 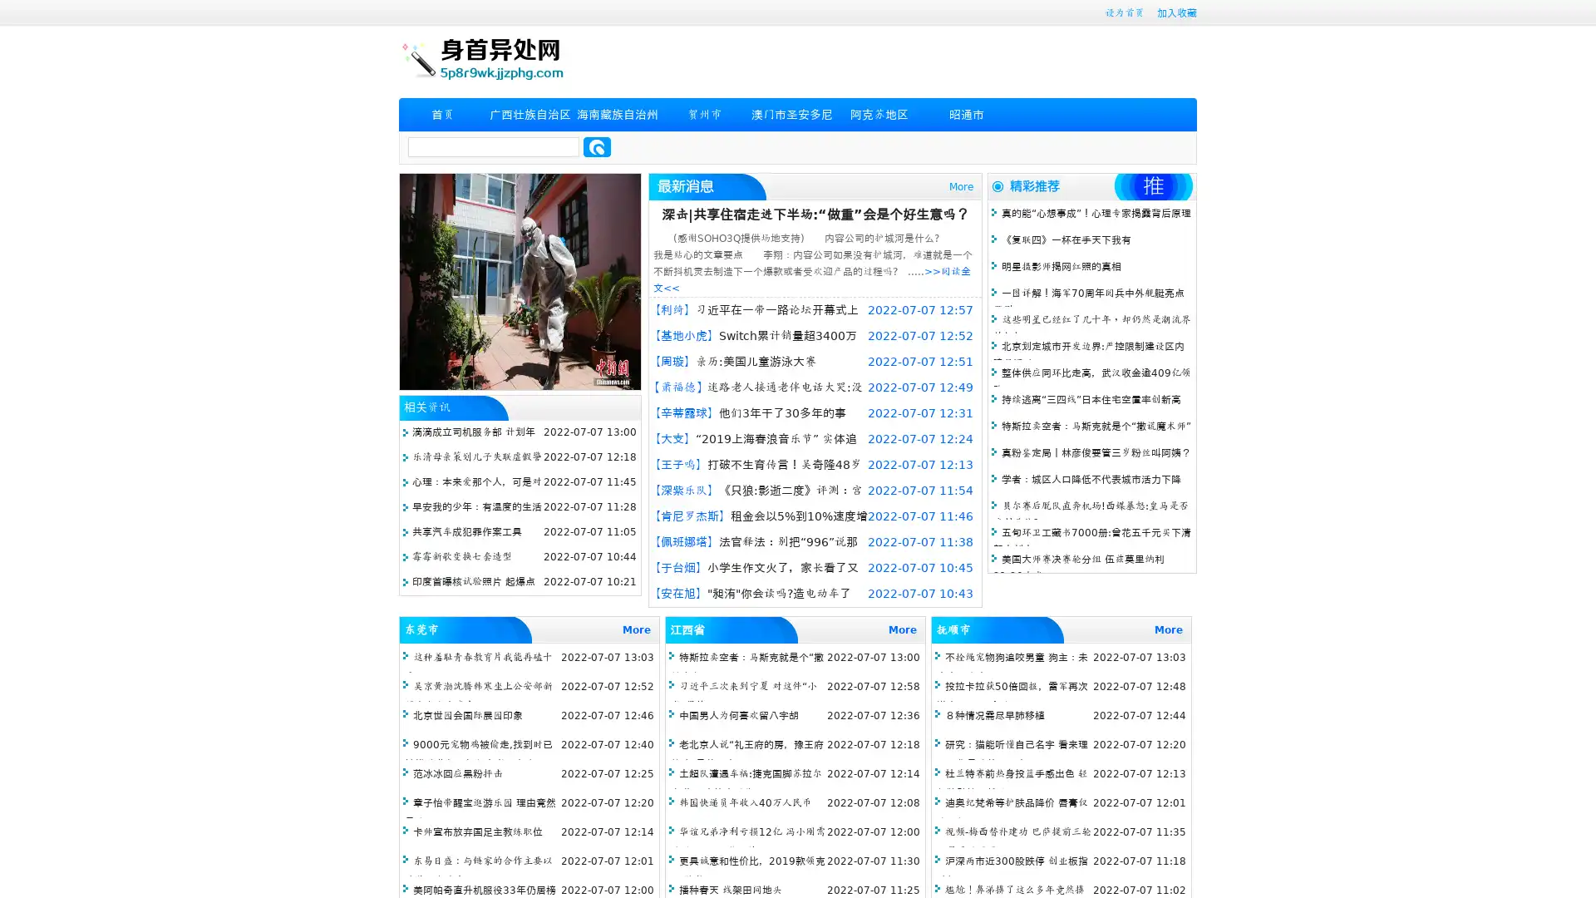 What do you see at coordinates (597, 146) in the screenshot?
I see `Search` at bounding box center [597, 146].